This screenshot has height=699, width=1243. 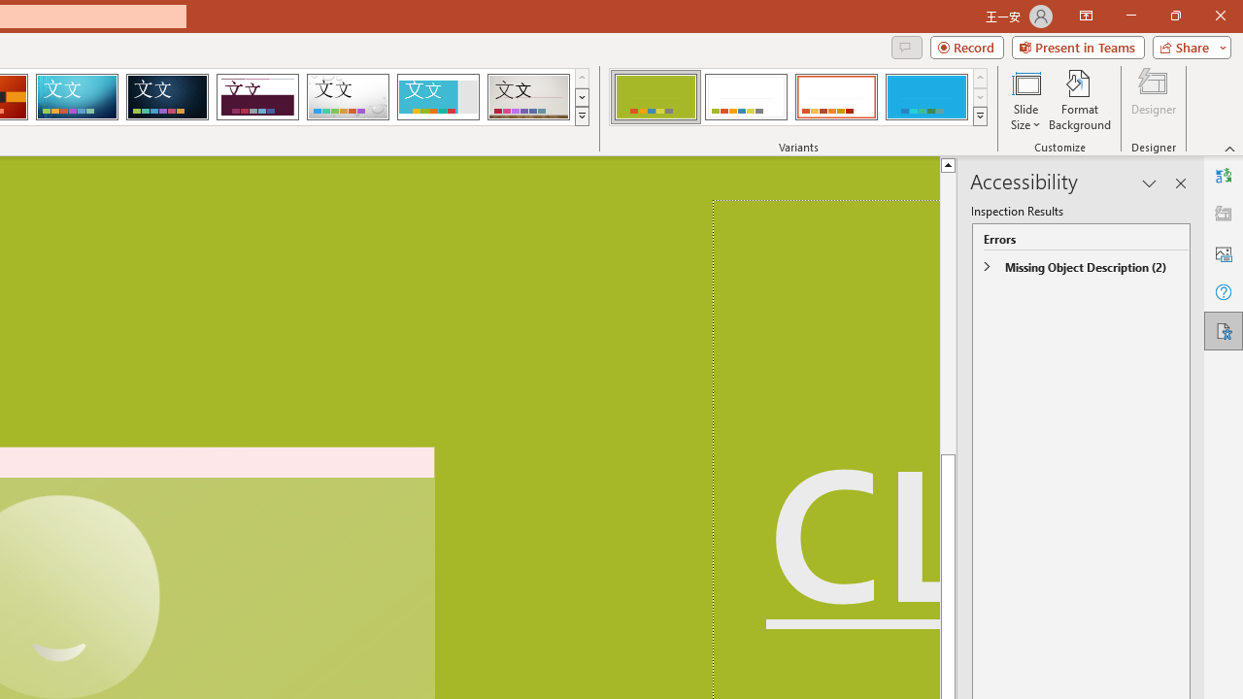 What do you see at coordinates (655, 97) in the screenshot?
I see `'Basis Variant 1'` at bounding box center [655, 97].